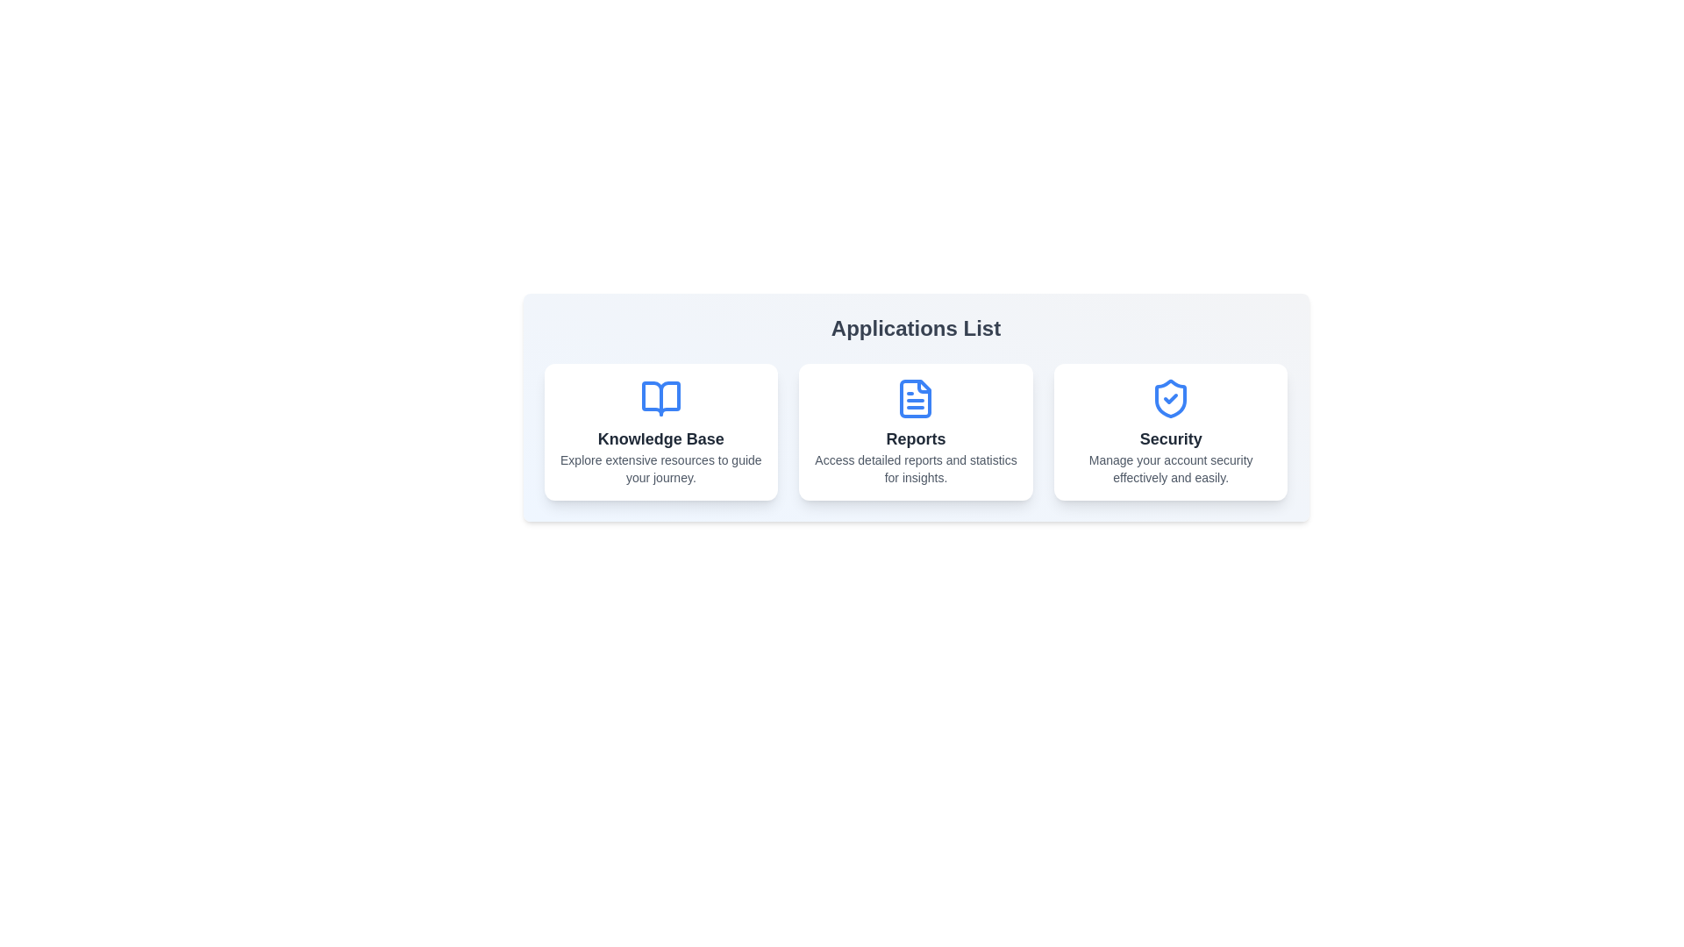 Image resolution: width=1684 pixels, height=947 pixels. Describe the element at coordinates (1171, 432) in the screenshot. I see `the Security card to simulate an interaction` at that location.